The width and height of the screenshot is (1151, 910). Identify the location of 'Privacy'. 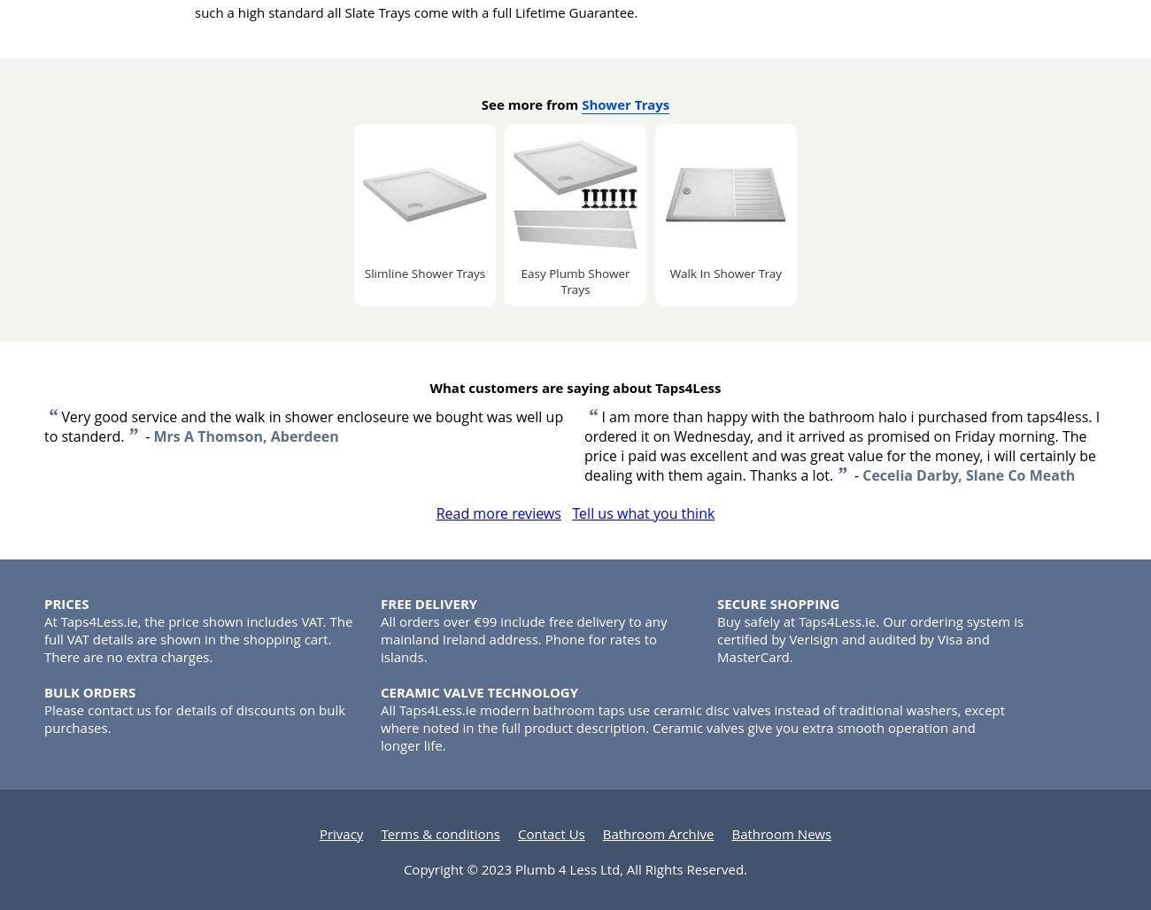
(341, 833).